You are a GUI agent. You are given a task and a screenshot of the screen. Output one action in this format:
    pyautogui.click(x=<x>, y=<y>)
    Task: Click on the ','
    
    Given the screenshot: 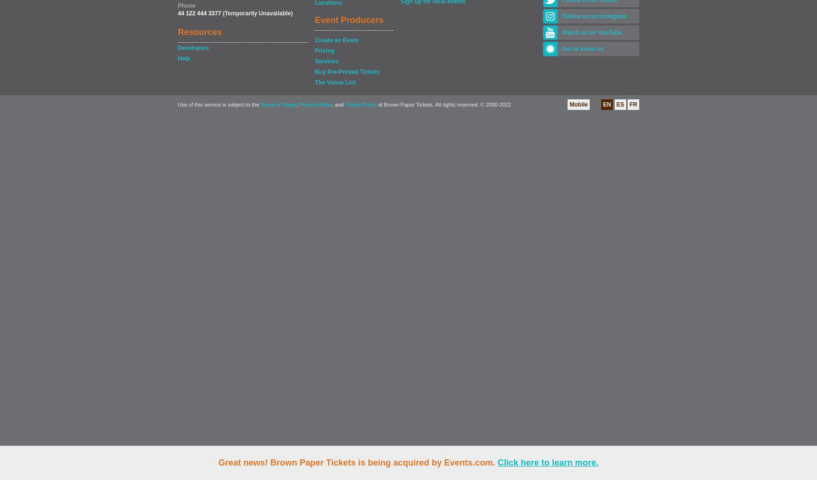 What is the action you would take?
    pyautogui.click(x=297, y=104)
    